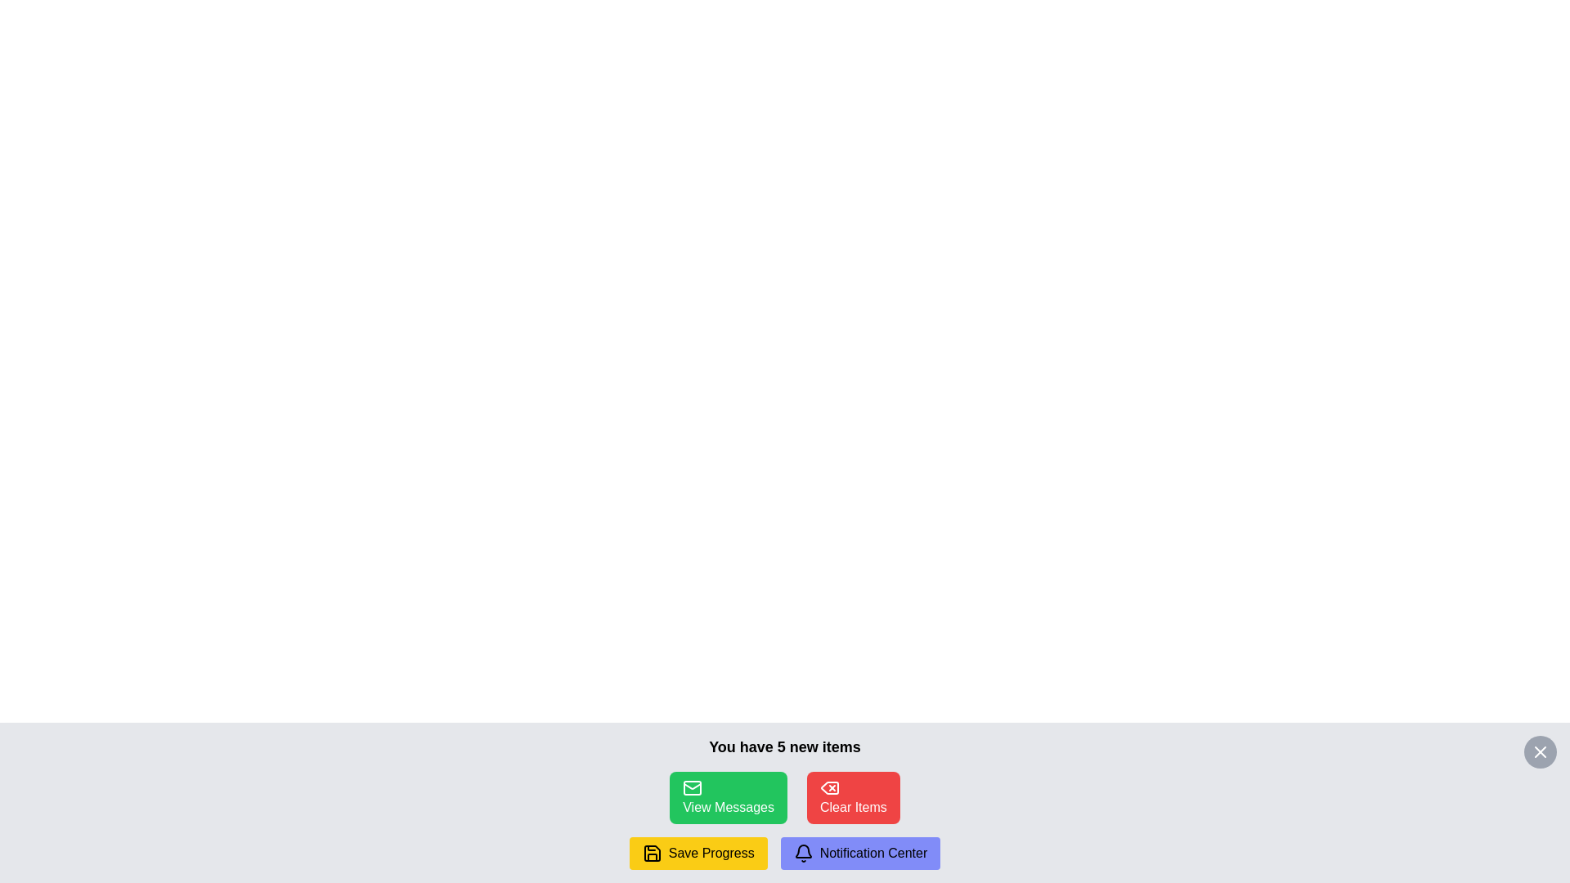 The width and height of the screenshot is (1570, 883). I want to click on the mail icon that visually resembles an open envelope with a curved line inside, so click(693, 785).